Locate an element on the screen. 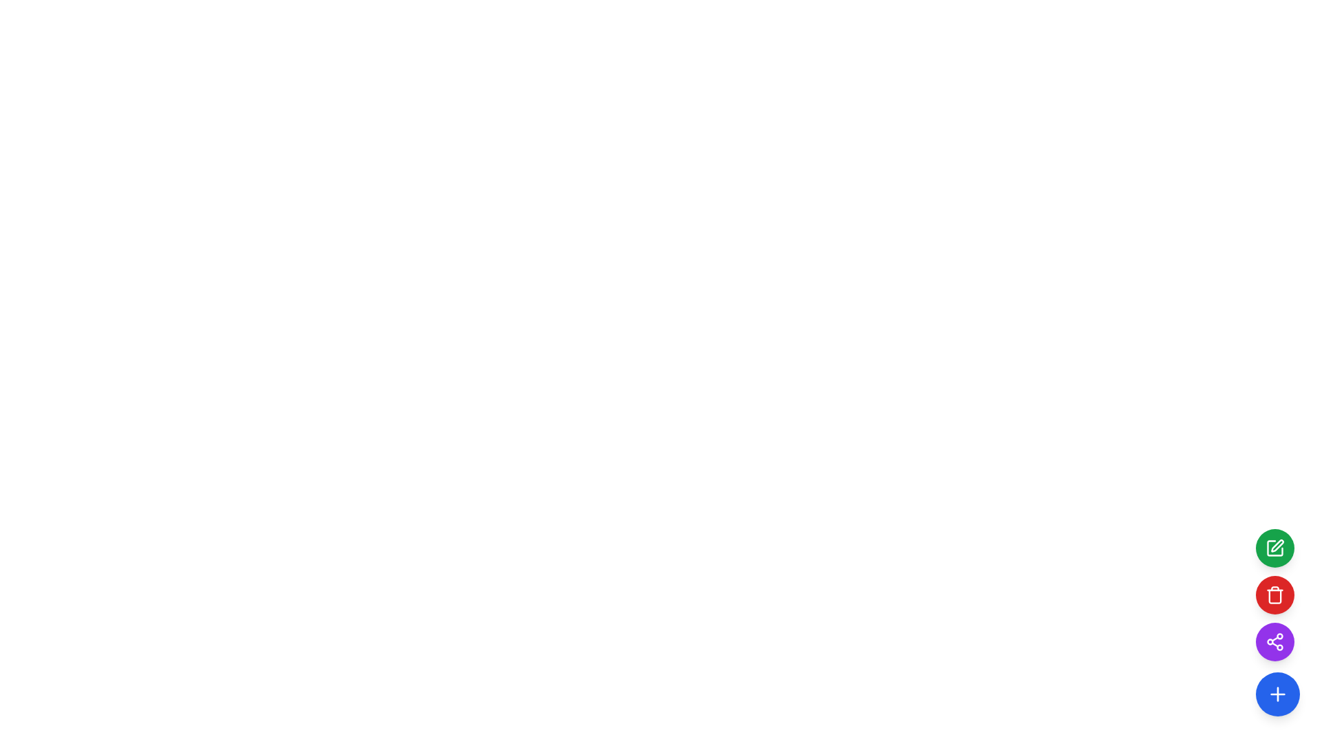  the 'Add' button located at the bottom of a vertical set of four circular buttons in the bottom-right corner of the interface, which has a plus (+) icon is located at coordinates (1277, 694).